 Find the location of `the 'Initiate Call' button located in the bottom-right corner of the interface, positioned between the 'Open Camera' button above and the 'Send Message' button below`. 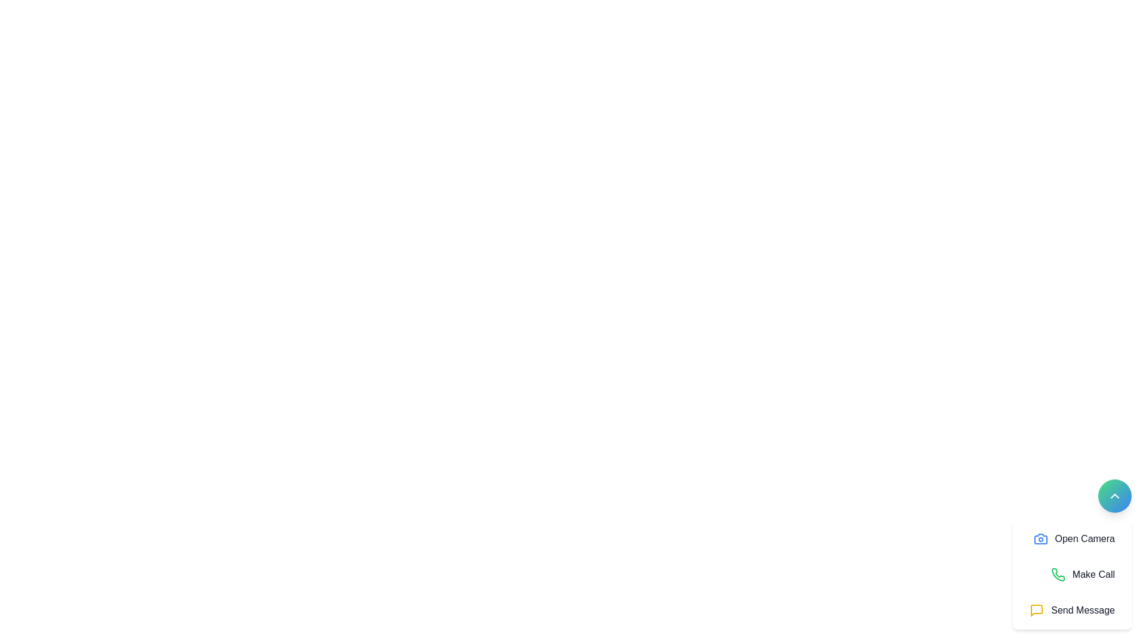

the 'Initiate Call' button located in the bottom-right corner of the interface, positioned between the 'Open Camera' button above and the 'Send Message' button below is located at coordinates (1083, 574).